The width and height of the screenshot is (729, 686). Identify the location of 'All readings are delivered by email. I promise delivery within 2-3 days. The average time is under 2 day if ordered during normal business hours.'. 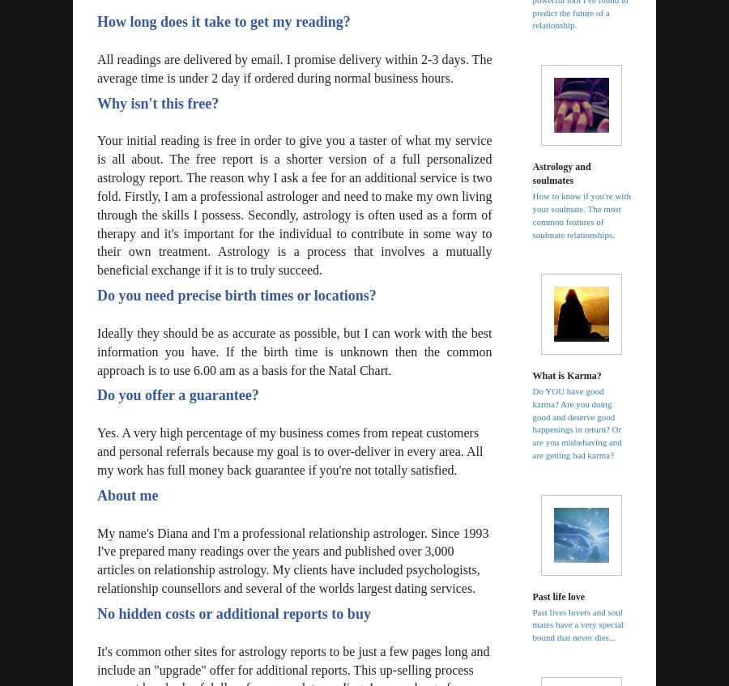
(96, 68).